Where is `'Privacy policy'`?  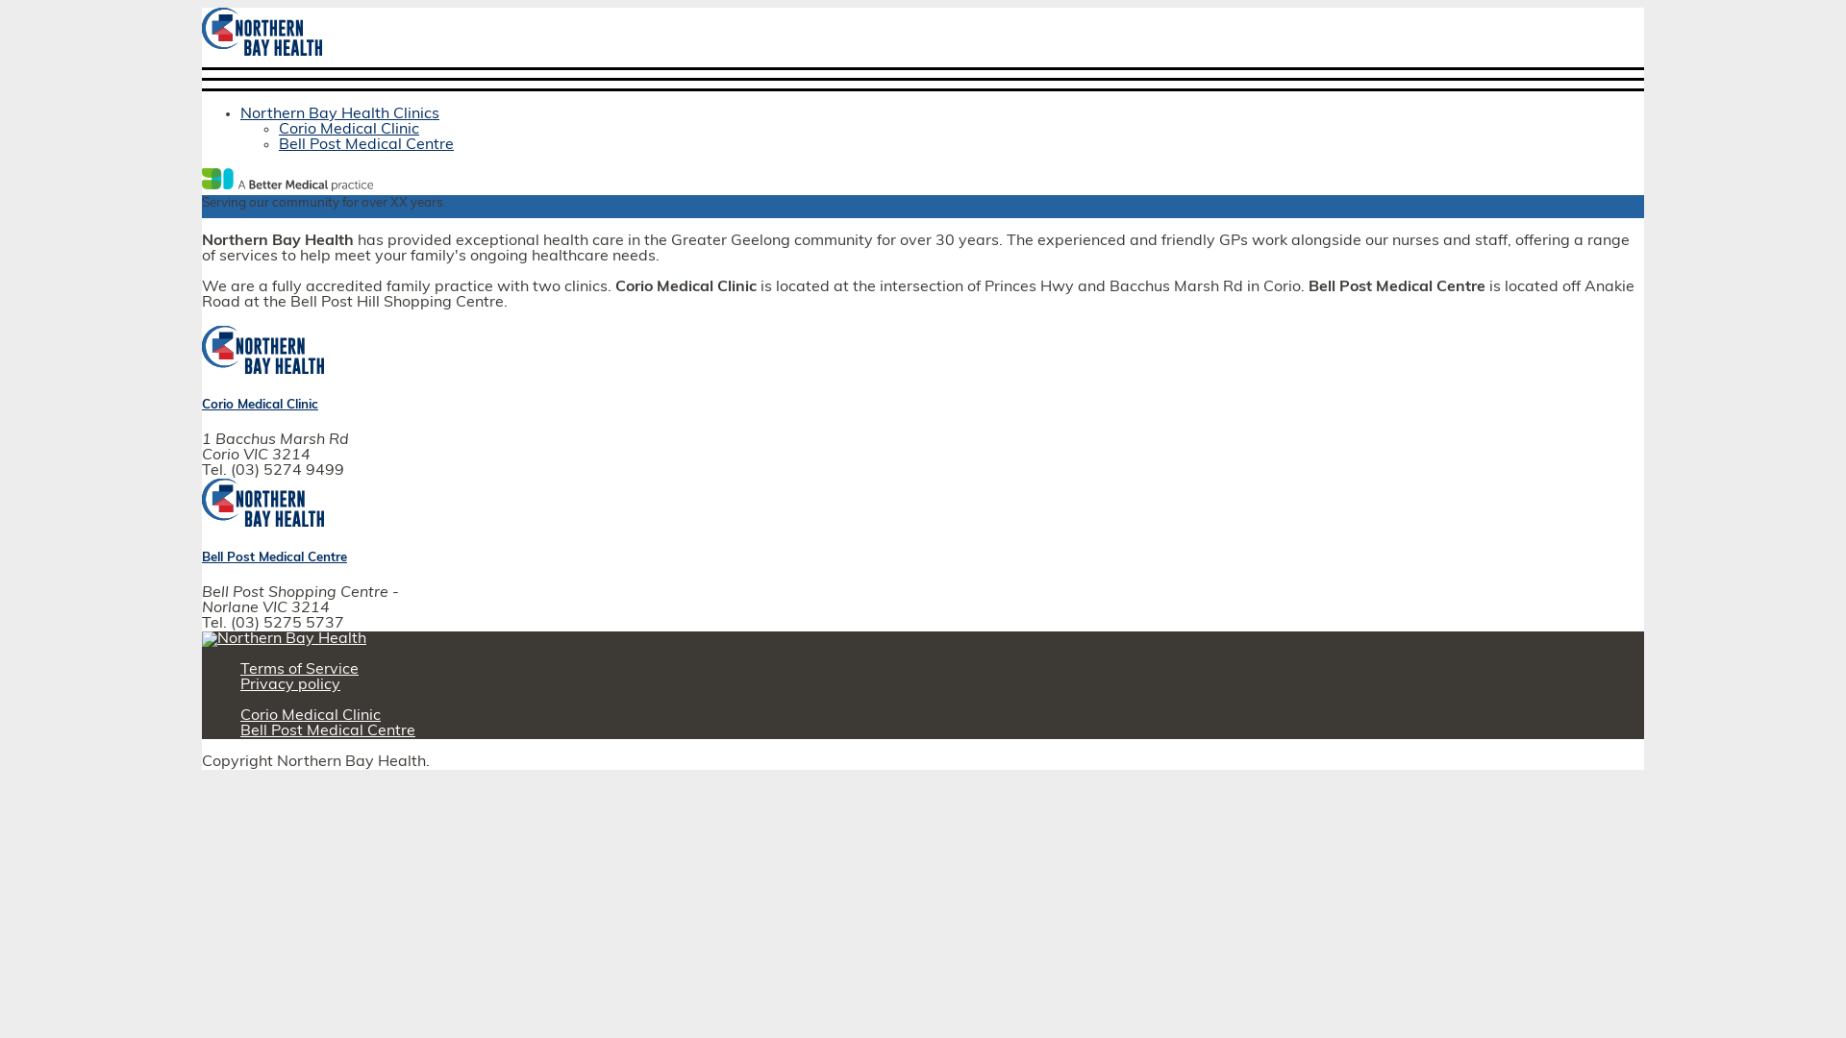 'Privacy policy' is located at coordinates (238, 684).